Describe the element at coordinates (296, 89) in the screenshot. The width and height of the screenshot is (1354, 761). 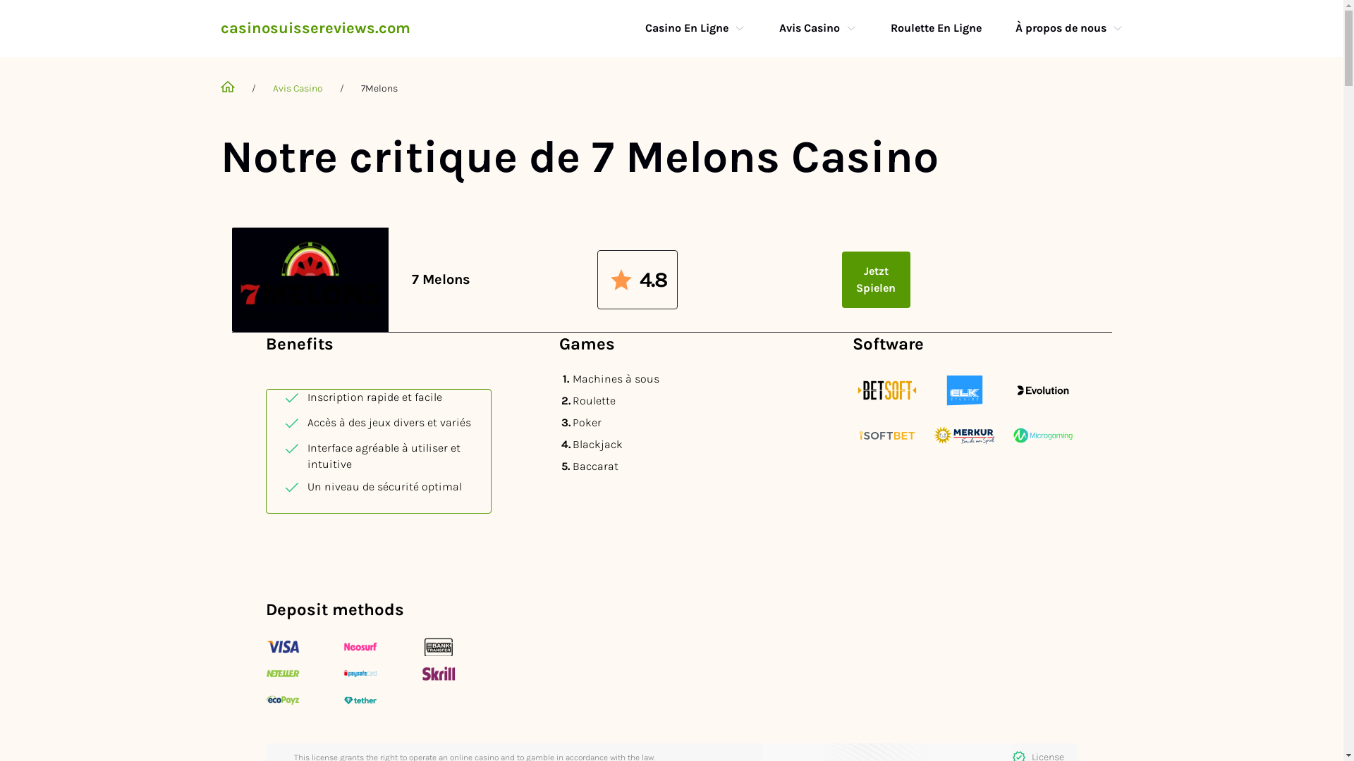
I see `'Avis Casino'` at that location.